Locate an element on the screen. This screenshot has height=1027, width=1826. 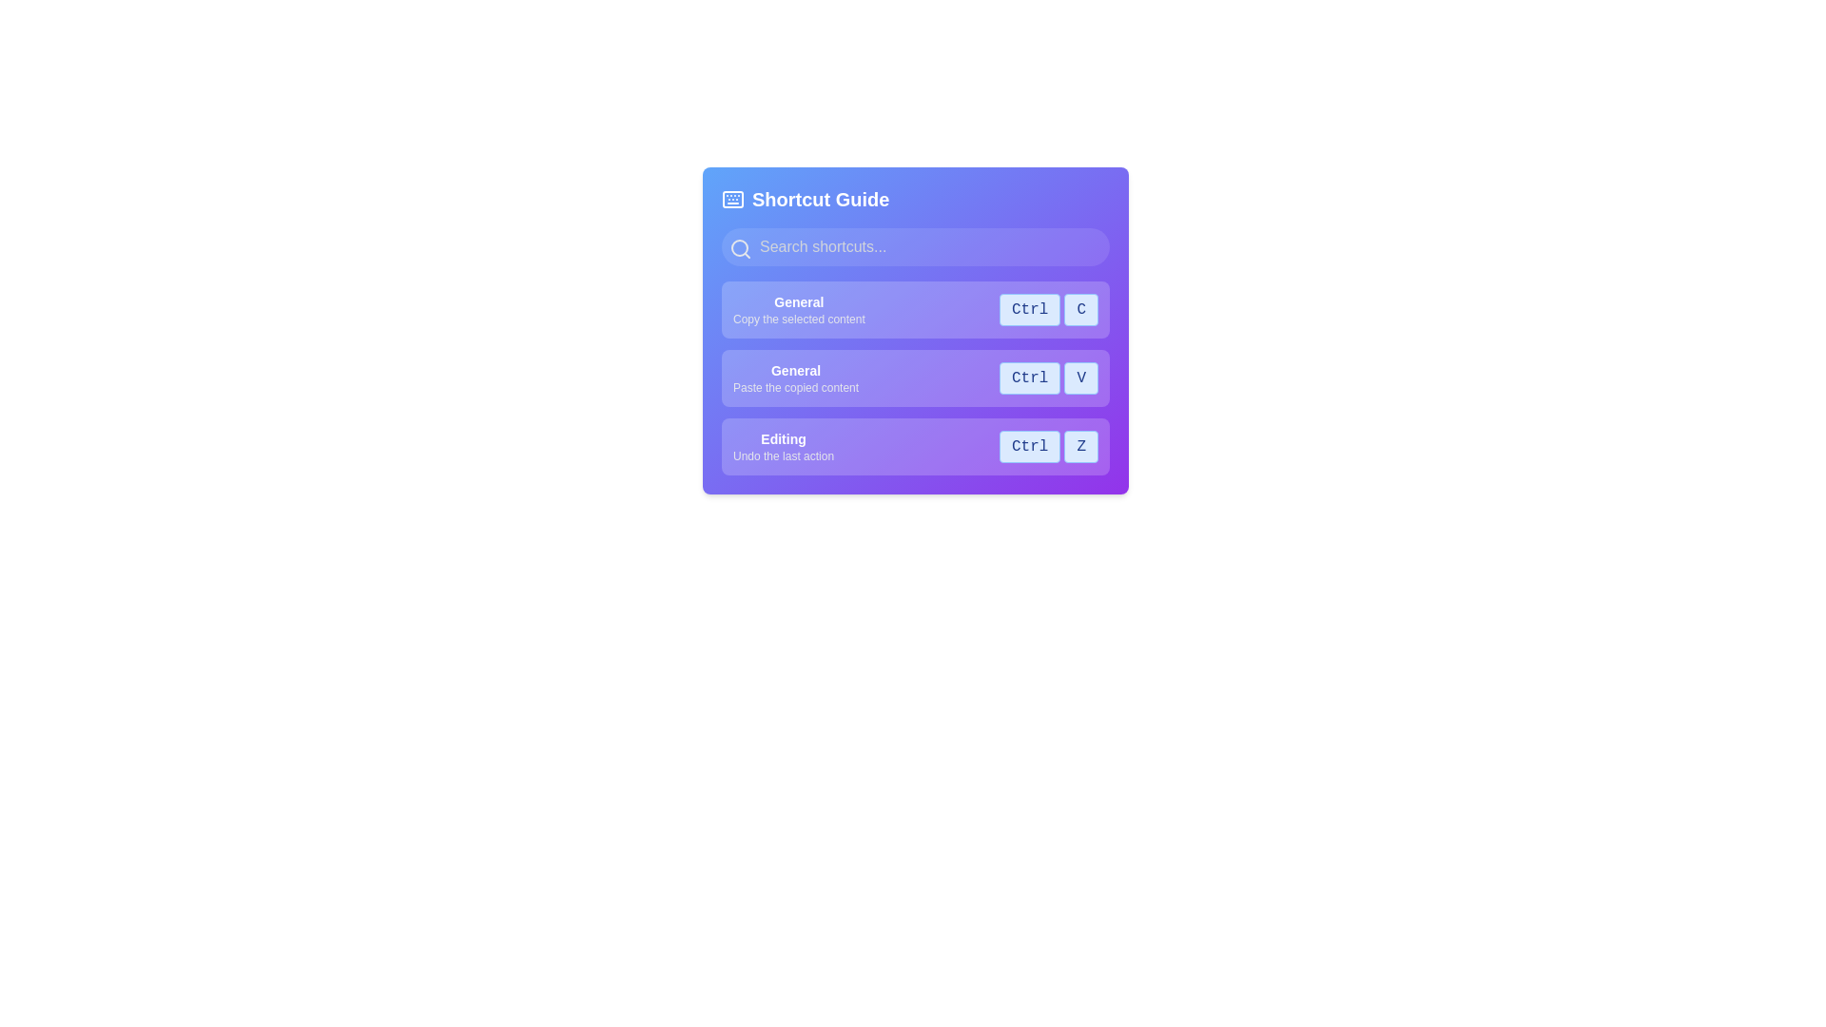
the visual label indicating the 'Ctrl' key in the shortcut guide interface, located in the first row and adjacent to the 'C' label is located at coordinates (1029, 309).